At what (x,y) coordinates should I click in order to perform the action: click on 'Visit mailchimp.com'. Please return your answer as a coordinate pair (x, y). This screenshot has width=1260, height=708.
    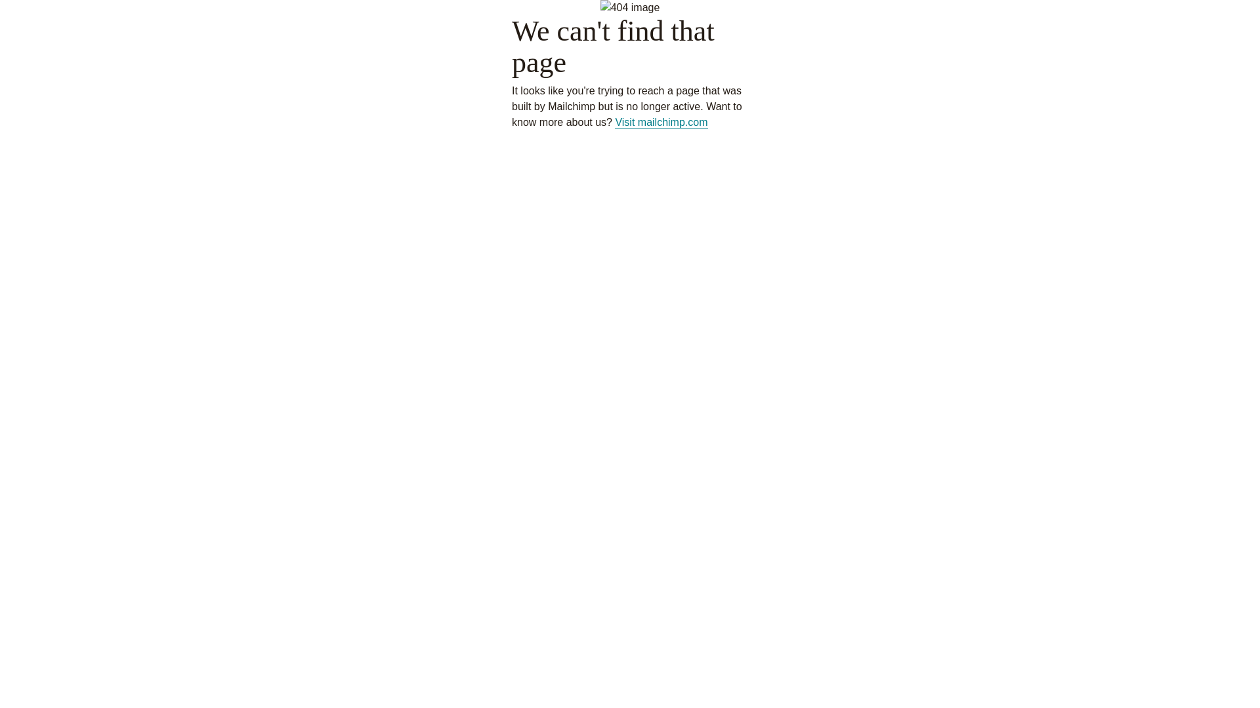
    Looking at the image, I should click on (661, 122).